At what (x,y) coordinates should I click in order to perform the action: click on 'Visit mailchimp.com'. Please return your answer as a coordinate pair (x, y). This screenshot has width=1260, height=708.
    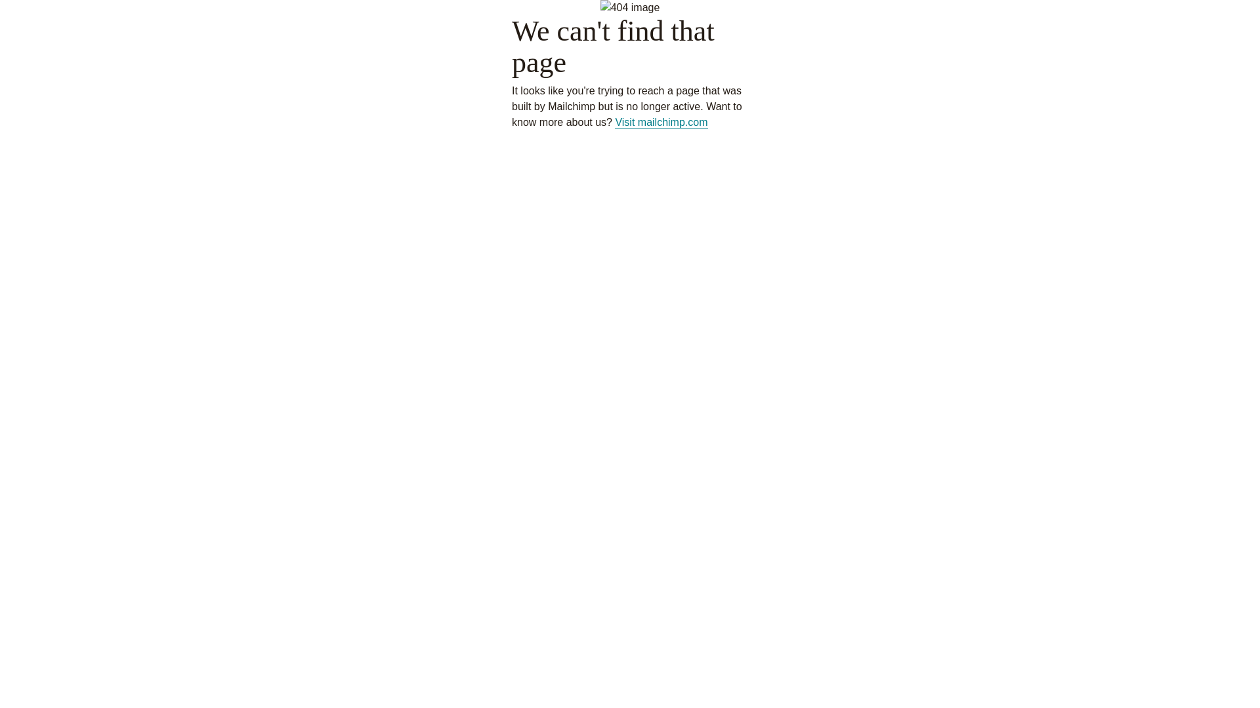
    Looking at the image, I should click on (661, 122).